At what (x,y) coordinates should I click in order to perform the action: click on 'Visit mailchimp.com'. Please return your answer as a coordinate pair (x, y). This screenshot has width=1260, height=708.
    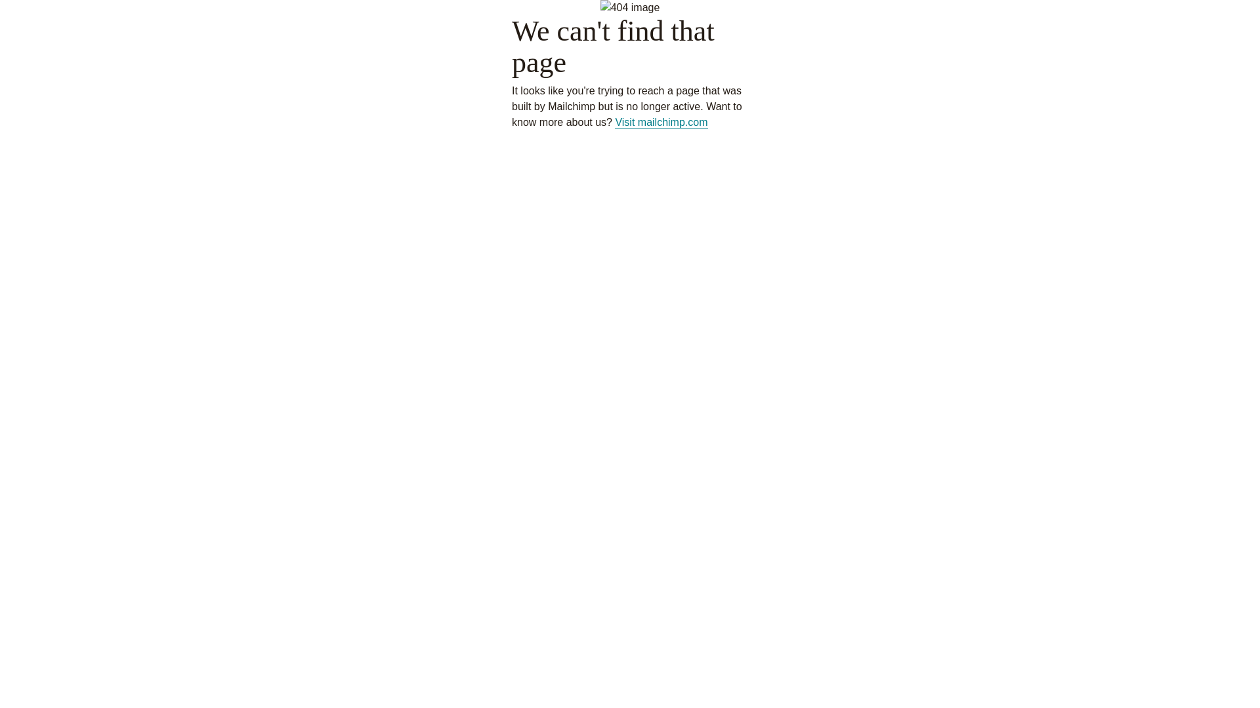
    Looking at the image, I should click on (661, 122).